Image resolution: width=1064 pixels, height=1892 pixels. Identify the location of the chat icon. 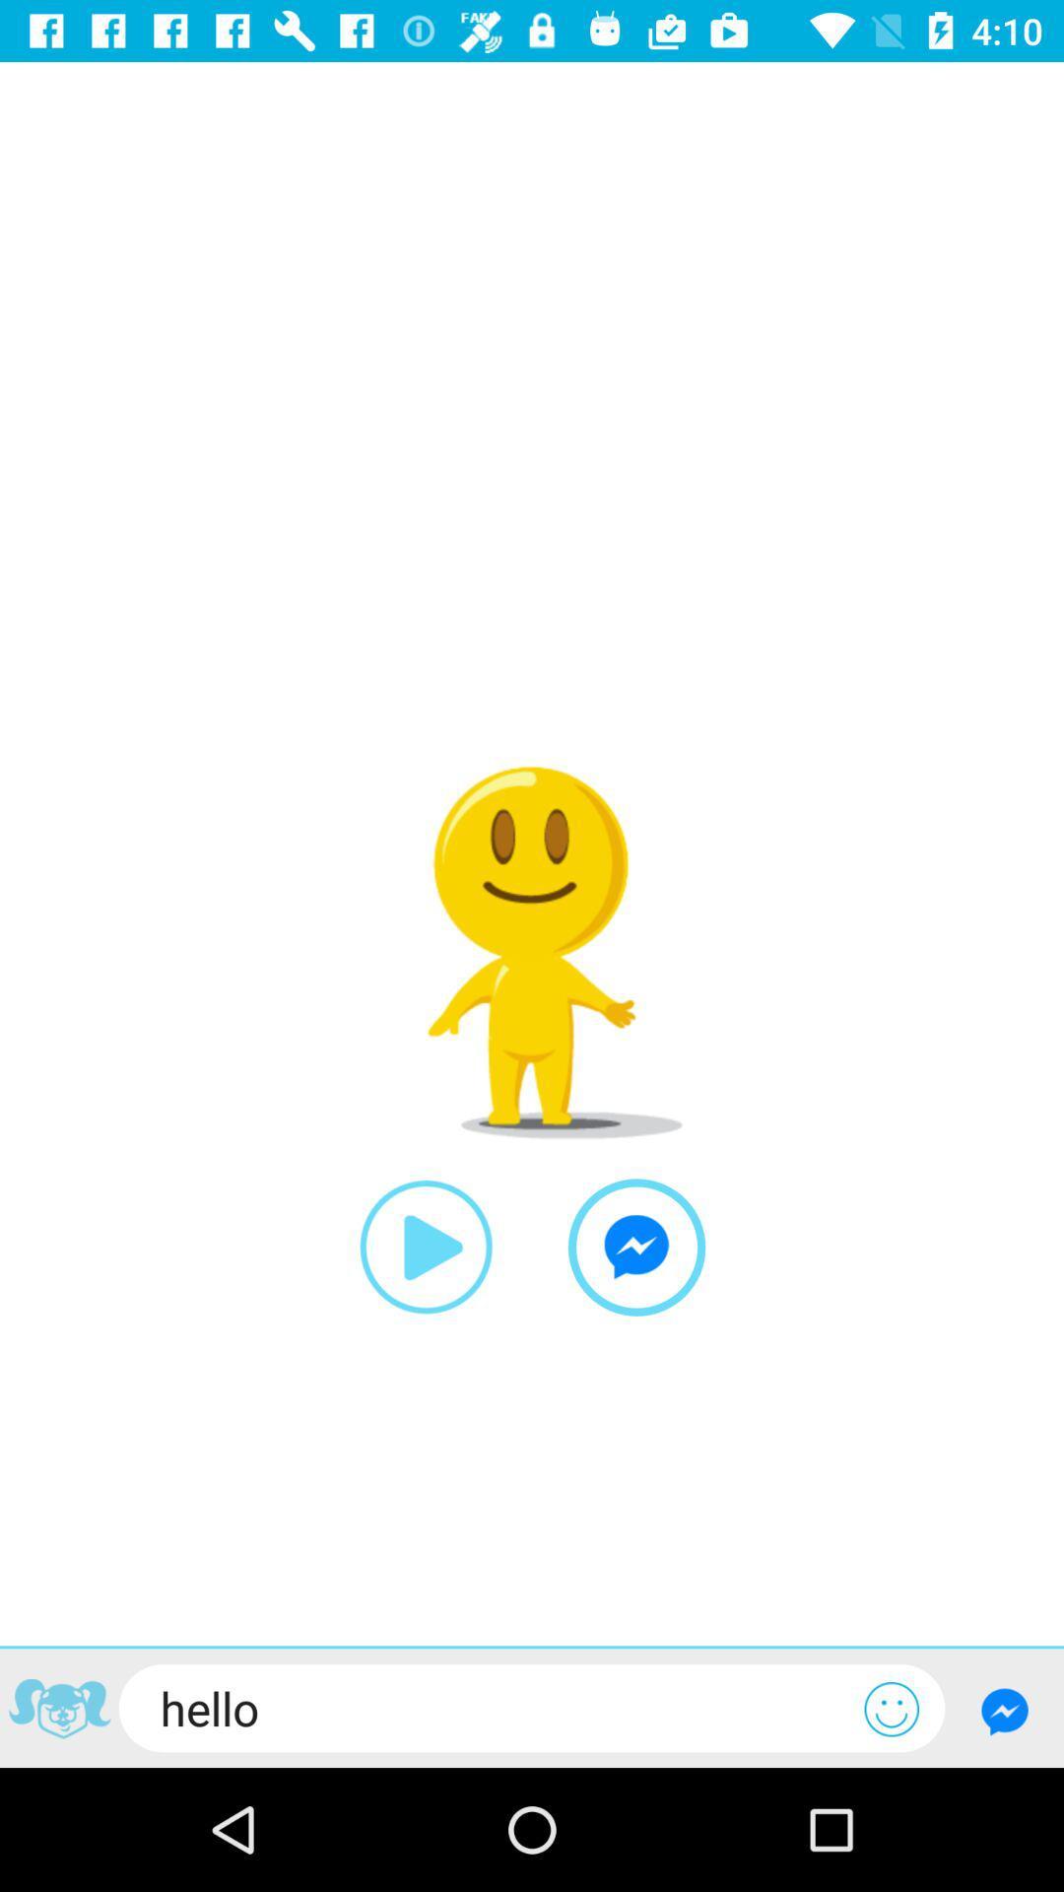
(636, 1247).